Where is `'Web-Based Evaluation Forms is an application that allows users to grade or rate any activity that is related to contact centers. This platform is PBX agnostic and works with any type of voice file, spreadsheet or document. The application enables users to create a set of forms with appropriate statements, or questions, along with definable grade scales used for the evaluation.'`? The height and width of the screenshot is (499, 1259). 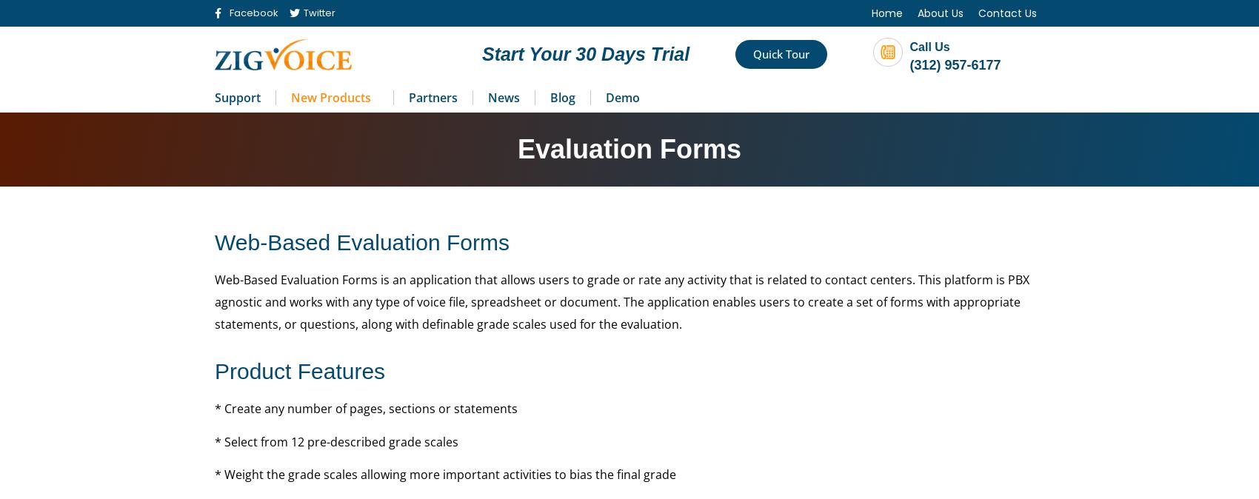
'Web-Based Evaluation Forms is an application that allows users to grade or rate any activity that is related to contact centers. This platform is PBX agnostic and works with any type of voice file, spreadsheet or document. The application enables users to create a set of forms with appropriate statements, or questions, along with definable grade scales used for the evaluation.' is located at coordinates (621, 301).